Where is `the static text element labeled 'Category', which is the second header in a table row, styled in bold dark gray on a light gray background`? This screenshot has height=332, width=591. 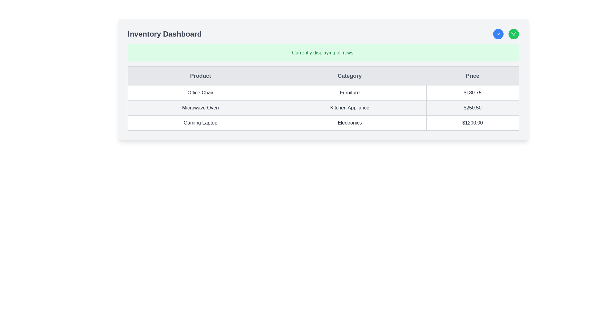
the static text element labeled 'Category', which is the second header in a table row, styled in bold dark gray on a light gray background is located at coordinates (350, 75).